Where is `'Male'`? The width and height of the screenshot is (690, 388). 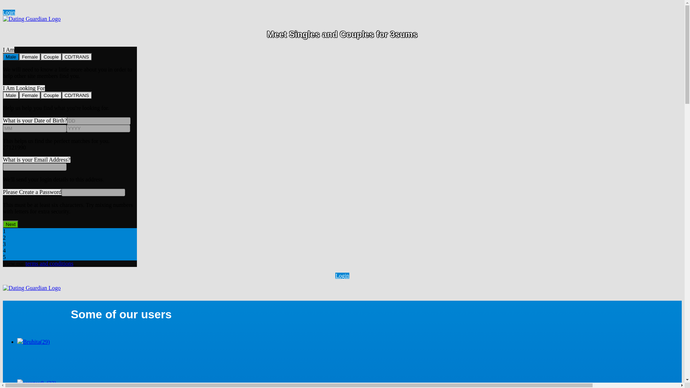
'Male' is located at coordinates (11, 95).